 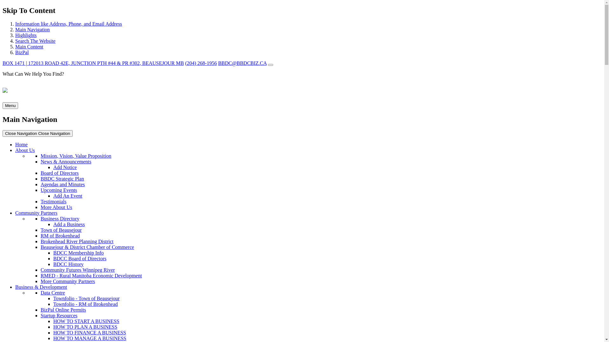 I want to click on '(204) 268-1956', so click(x=200, y=63).